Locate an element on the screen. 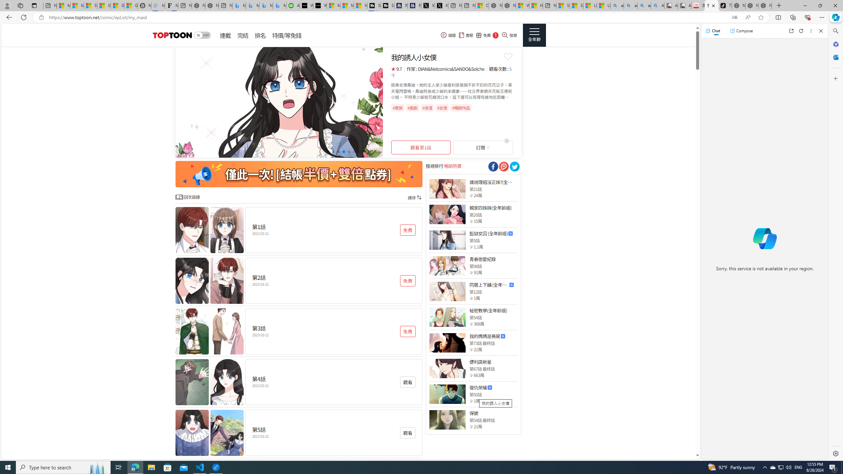 This screenshot has width=843, height=474. 'Show translate options' is located at coordinates (734, 17).